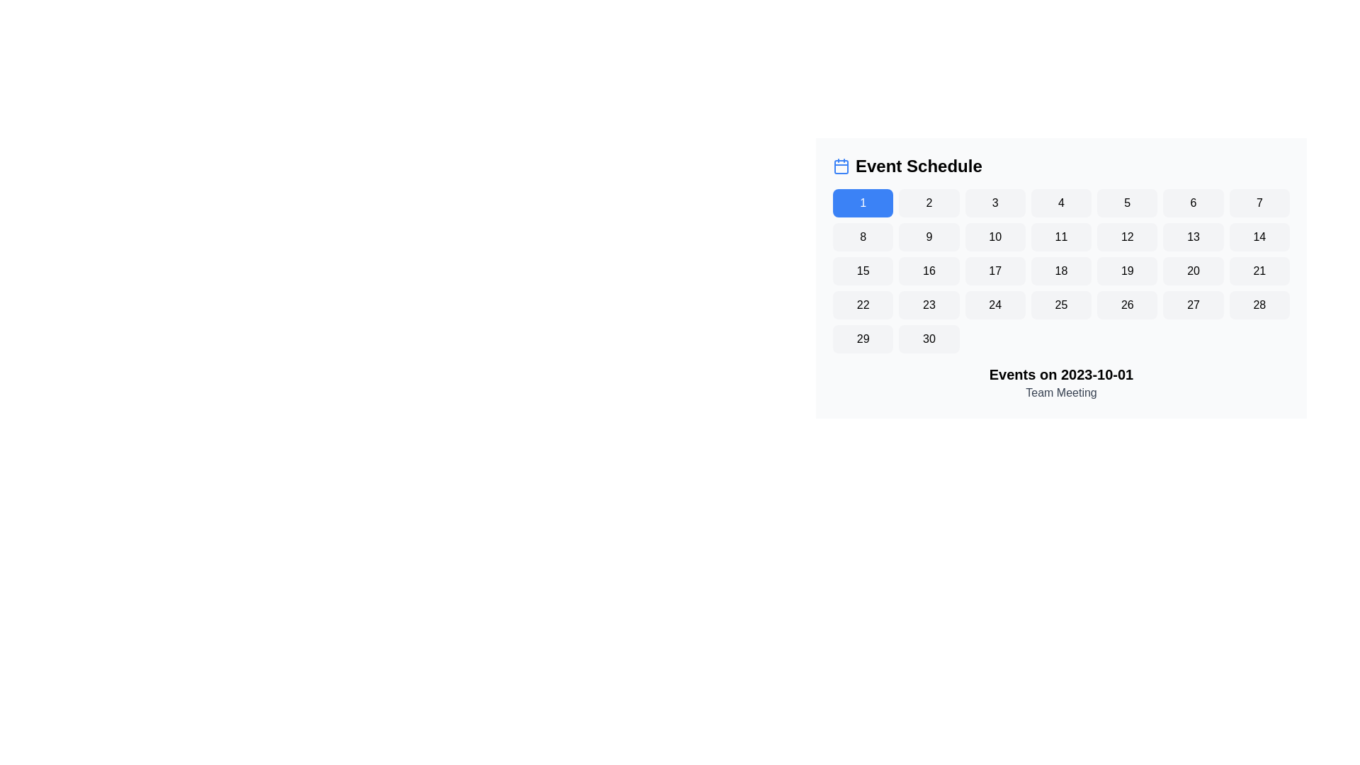 Image resolution: width=1360 pixels, height=765 pixels. What do you see at coordinates (1061, 393) in the screenshot?
I see `the 'Team Meeting' text label, which is styled in gray and located under the title 'Events on 2023-10-01'` at bounding box center [1061, 393].